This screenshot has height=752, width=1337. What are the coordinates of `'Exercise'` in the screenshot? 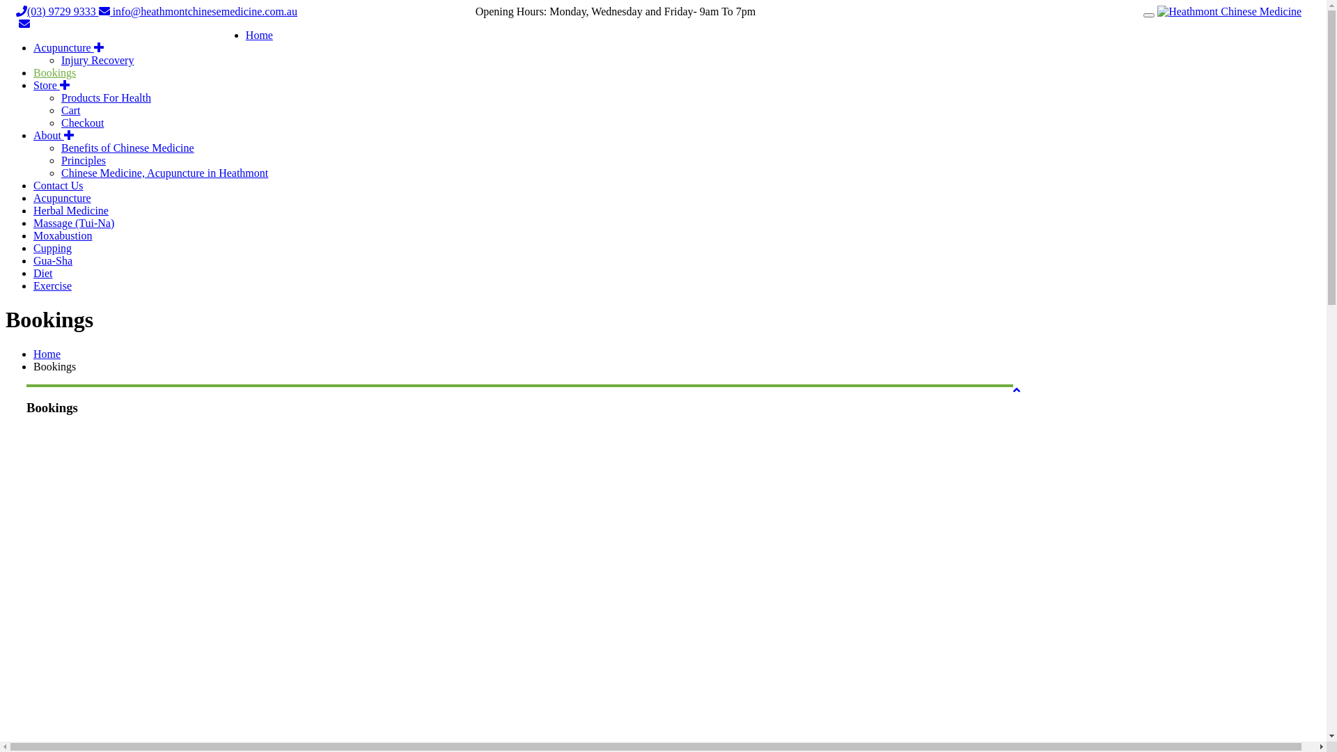 It's located at (33, 285).